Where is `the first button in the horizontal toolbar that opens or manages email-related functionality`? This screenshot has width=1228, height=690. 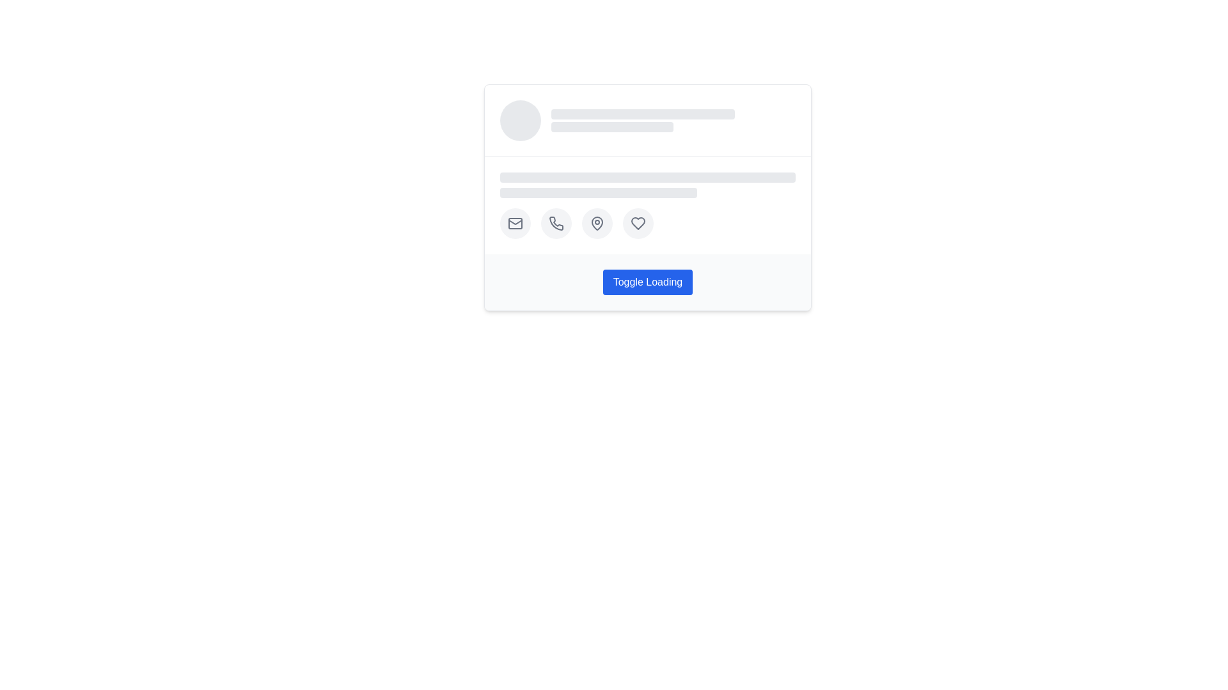 the first button in the horizontal toolbar that opens or manages email-related functionality is located at coordinates (516, 223).